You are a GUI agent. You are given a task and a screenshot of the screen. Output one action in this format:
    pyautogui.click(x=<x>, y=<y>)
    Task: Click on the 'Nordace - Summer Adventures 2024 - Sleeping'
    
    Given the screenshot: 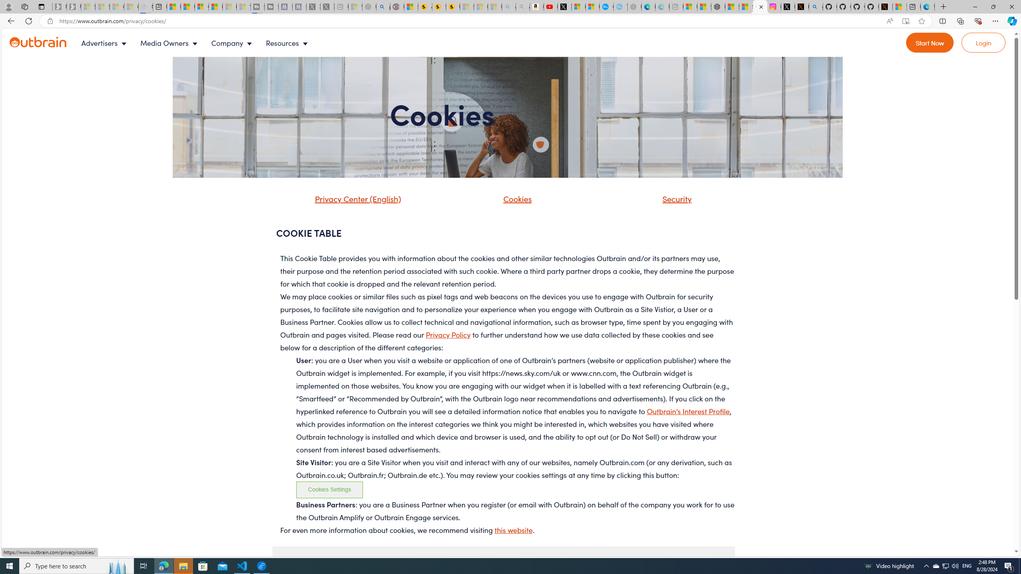 What is the action you would take?
    pyautogui.click(x=369, y=6)
    